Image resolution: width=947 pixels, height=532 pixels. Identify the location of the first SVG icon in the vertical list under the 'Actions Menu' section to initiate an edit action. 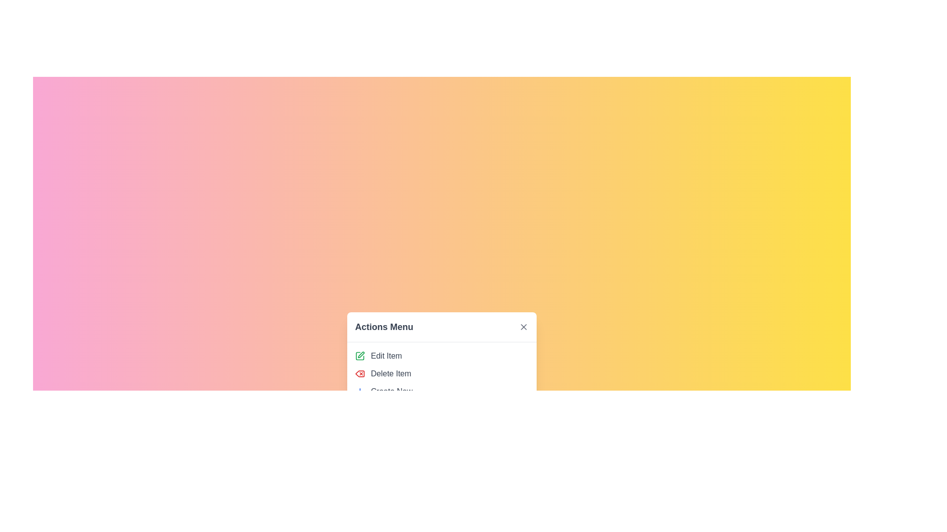
(359, 356).